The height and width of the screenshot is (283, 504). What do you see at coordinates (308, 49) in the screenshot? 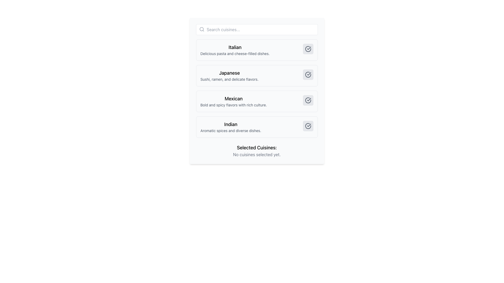
I see `the circular icon with a checkmark located in the top-right corner of the 'Italian' item block, which signifies a selection or confirmation action` at bounding box center [308, 49].